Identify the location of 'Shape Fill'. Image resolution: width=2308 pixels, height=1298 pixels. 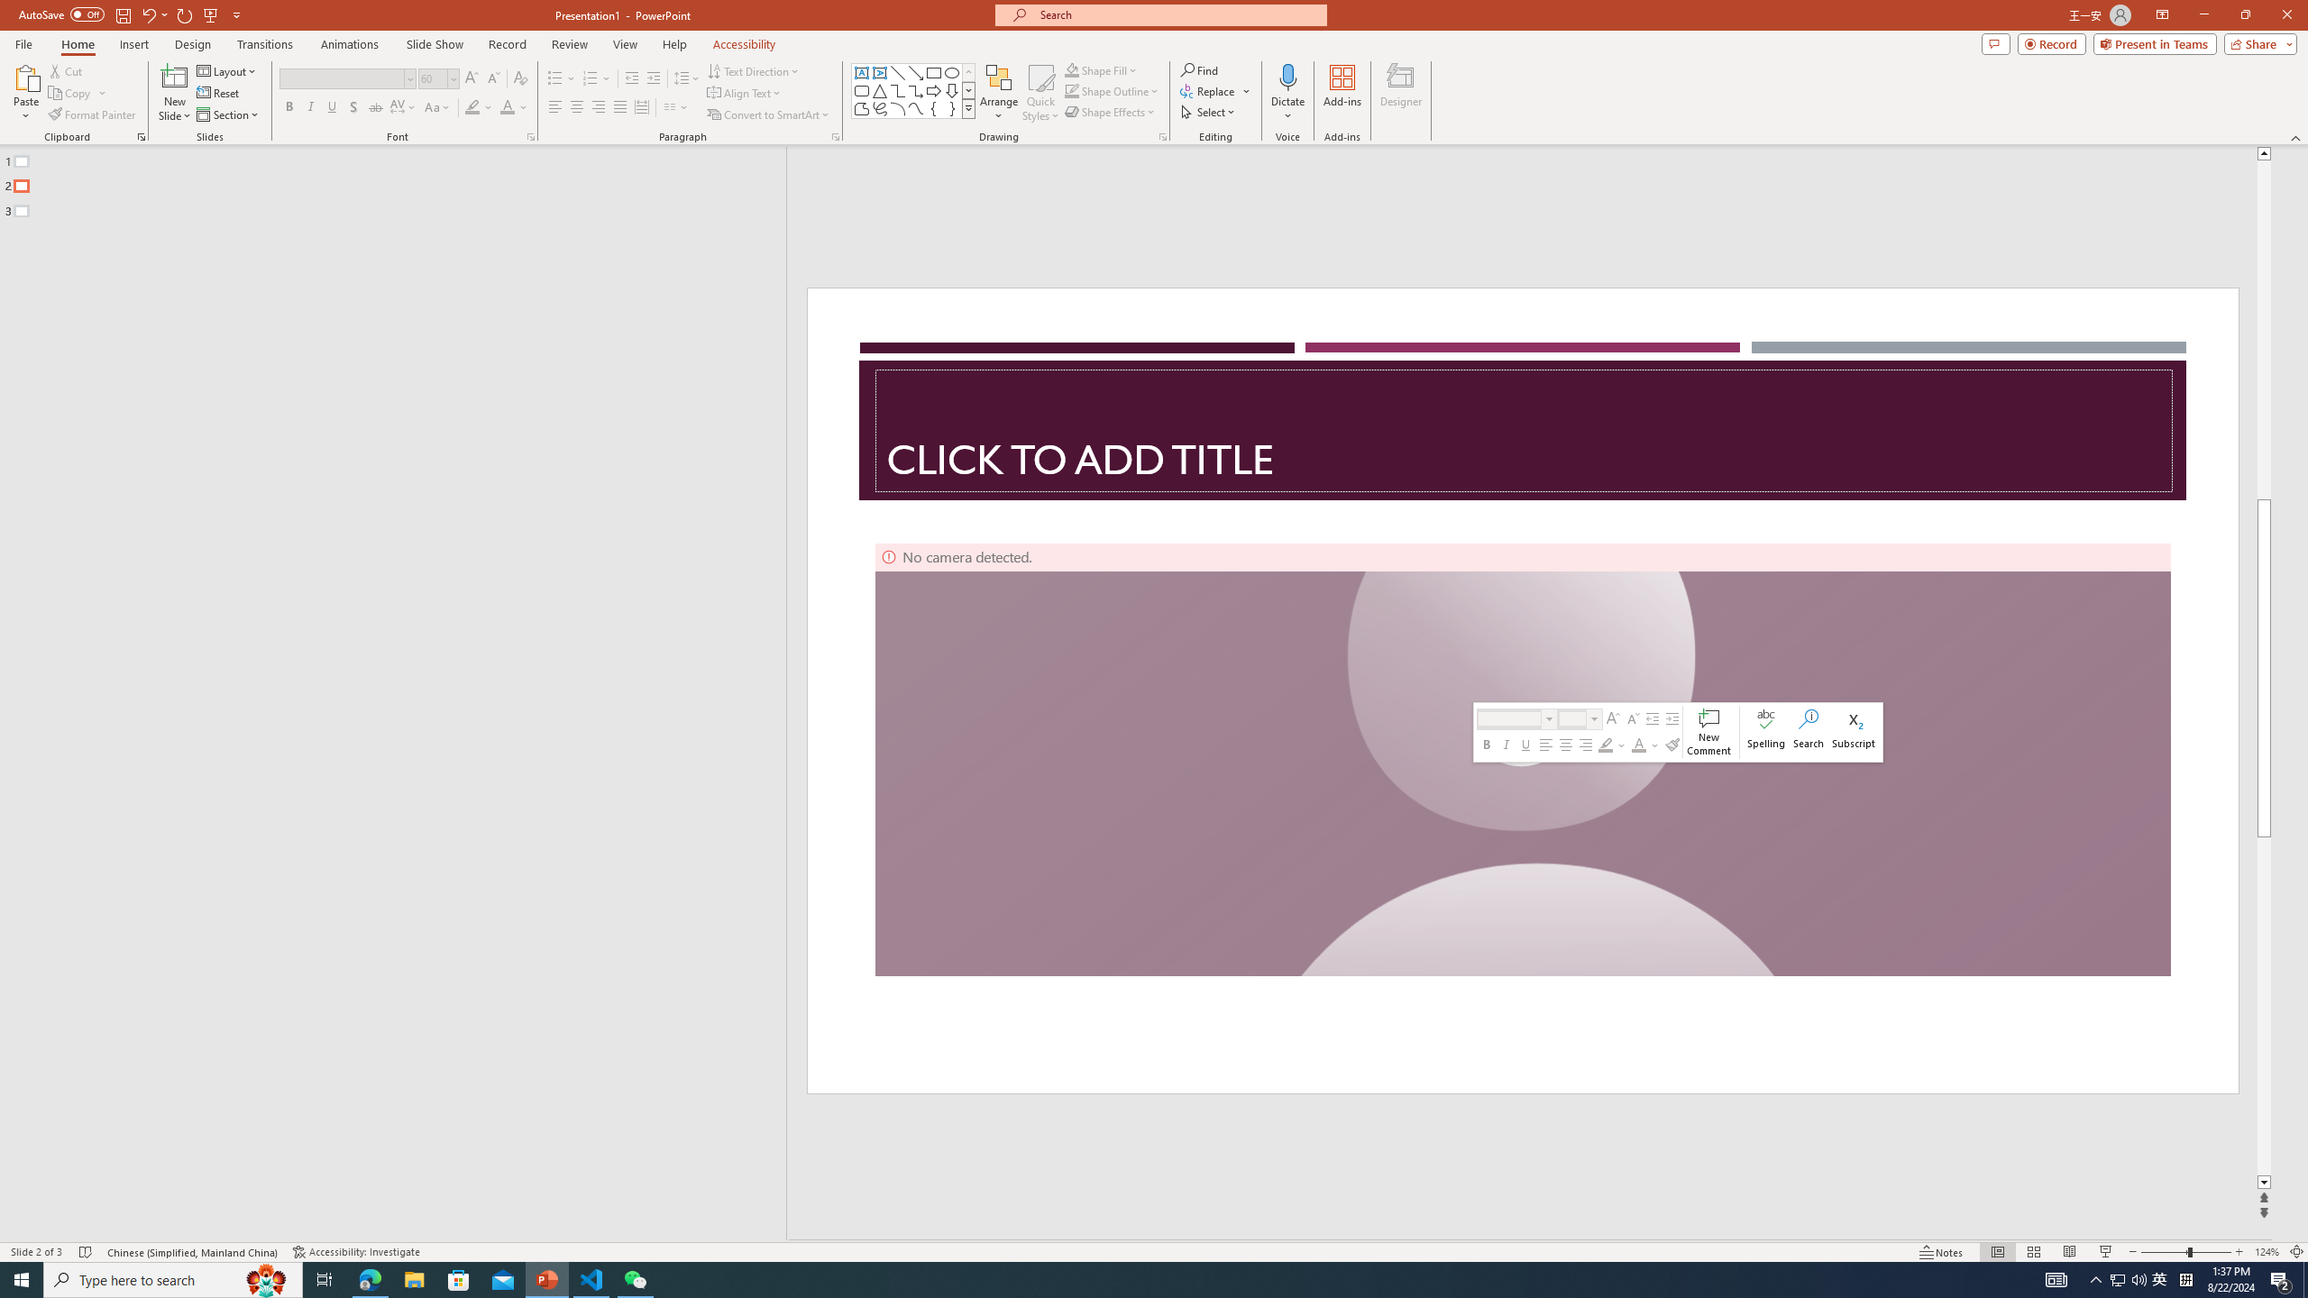
(1102, 69).